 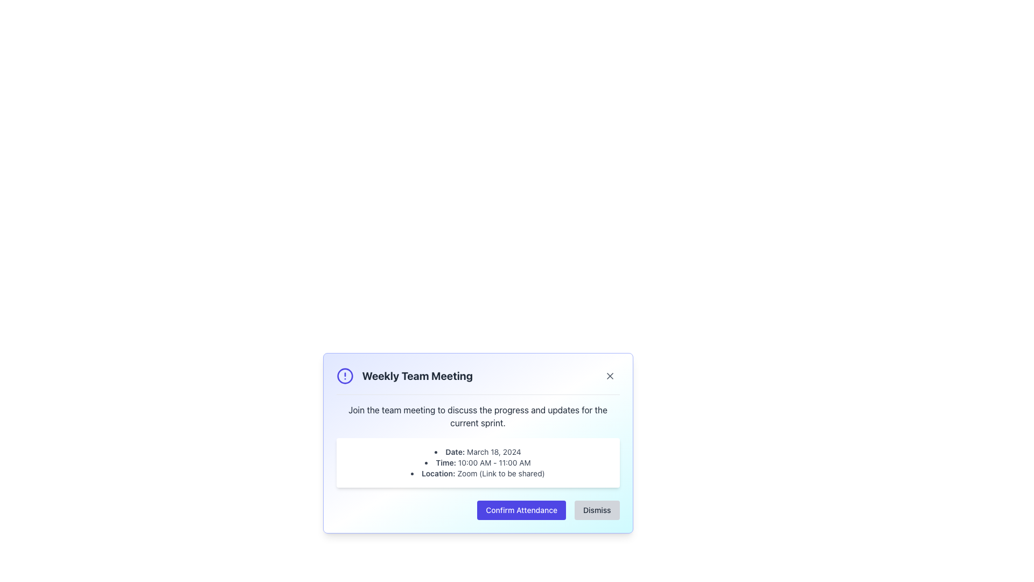 I want to click on the 'Confirm Attendance' button, which has a vibrant purple background and white text, located at the bottom right of the dialog box, so click(x=521, y=510).